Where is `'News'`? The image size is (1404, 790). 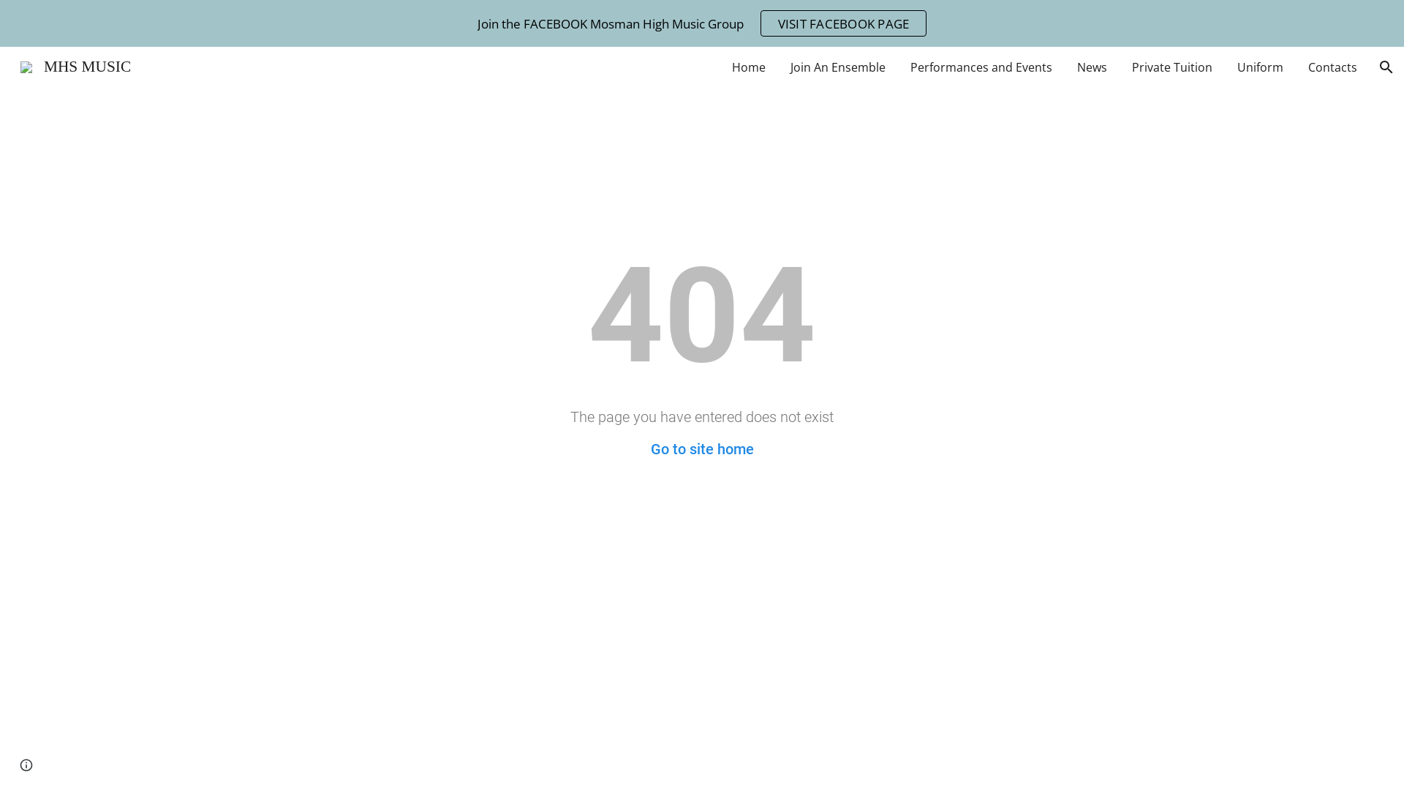 'News' is located at coordinates (1092, 67).